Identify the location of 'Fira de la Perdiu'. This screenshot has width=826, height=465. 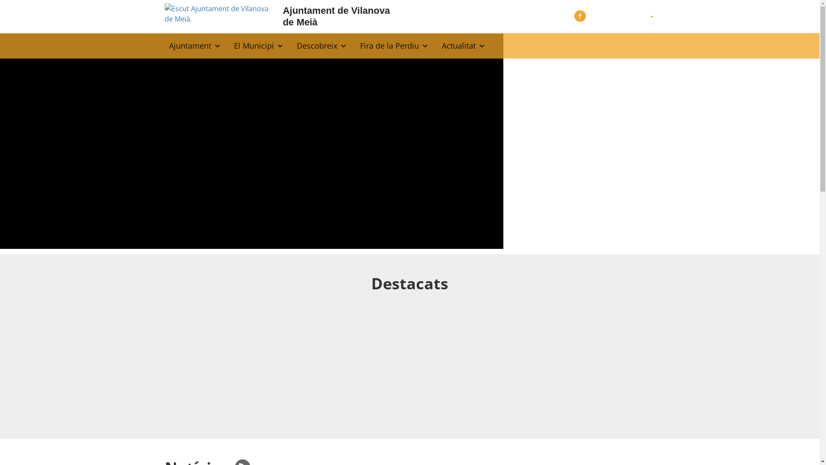
(394, 46).